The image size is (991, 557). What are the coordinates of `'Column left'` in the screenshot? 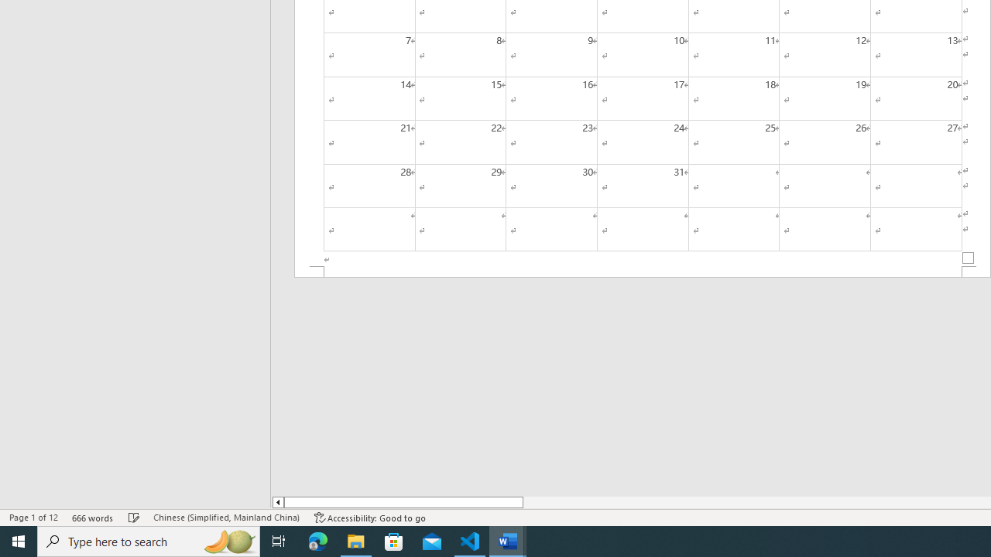 It's located at (277, 502).